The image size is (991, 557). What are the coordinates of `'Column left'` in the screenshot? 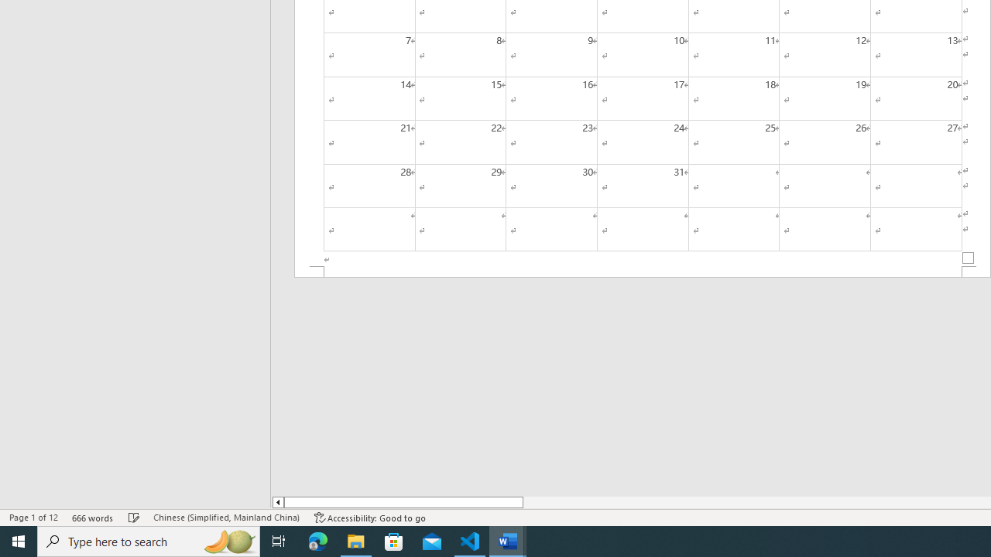 It's located at (277, 502).